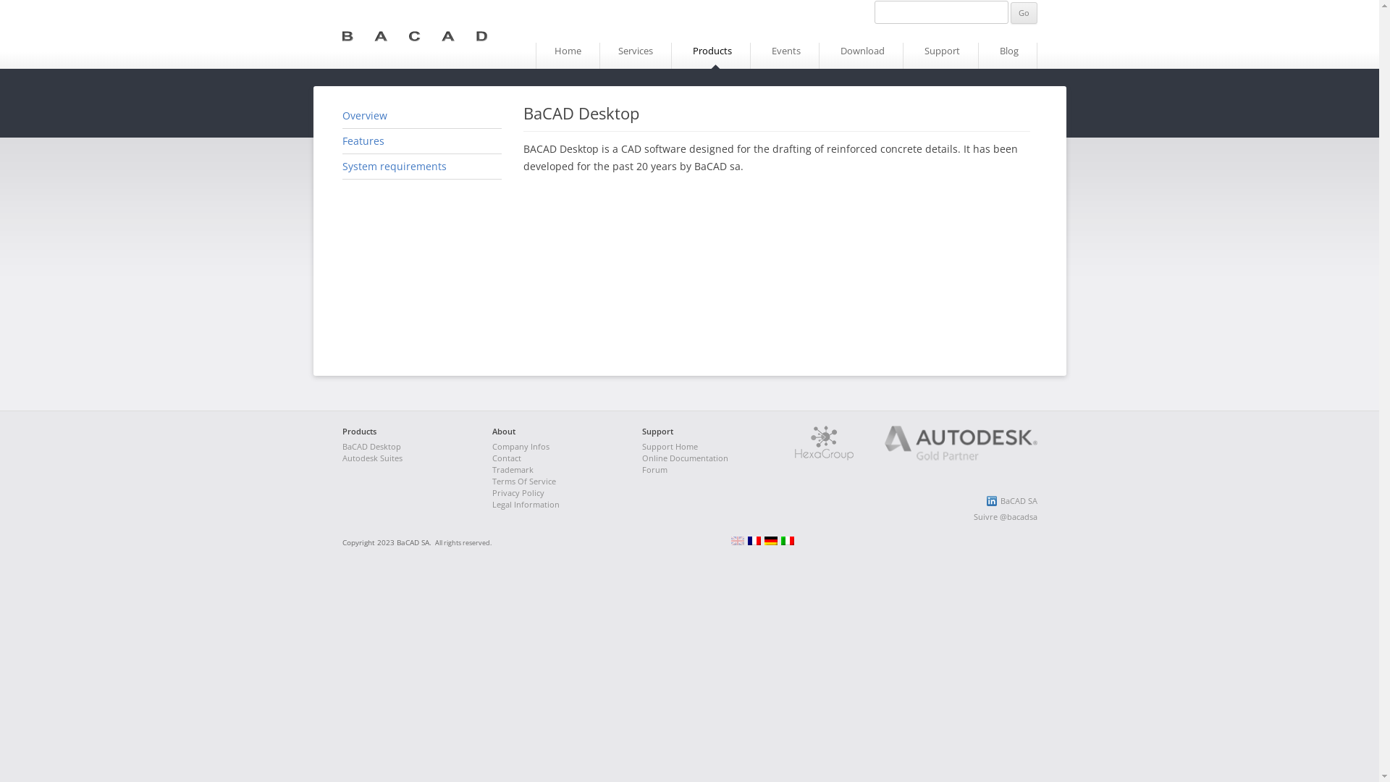 This screenshot has height=782, width=1390. Describe the element at coordinates (1023, 13) in the screenshot. I see `'Go'` at that location.